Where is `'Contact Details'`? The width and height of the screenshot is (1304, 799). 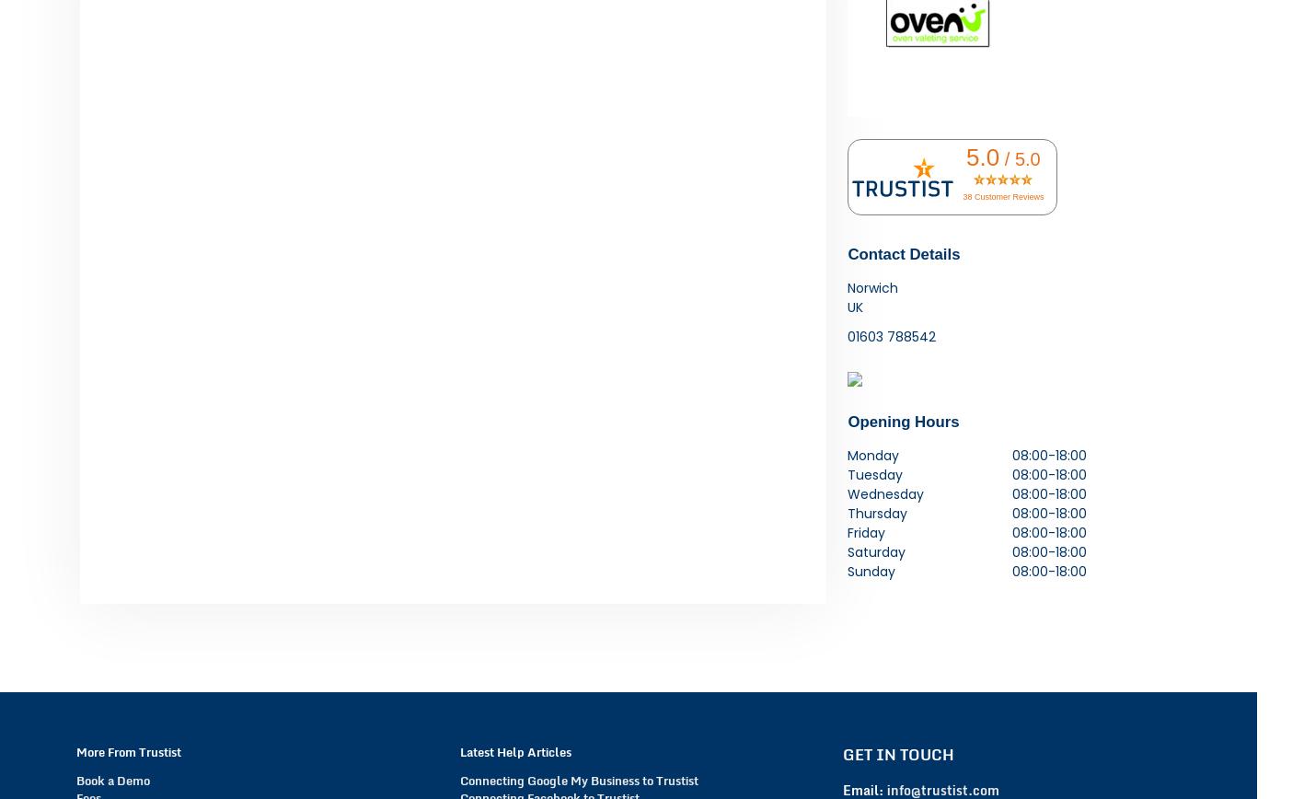
'Contact Details' is located at coordinates (902, 254).